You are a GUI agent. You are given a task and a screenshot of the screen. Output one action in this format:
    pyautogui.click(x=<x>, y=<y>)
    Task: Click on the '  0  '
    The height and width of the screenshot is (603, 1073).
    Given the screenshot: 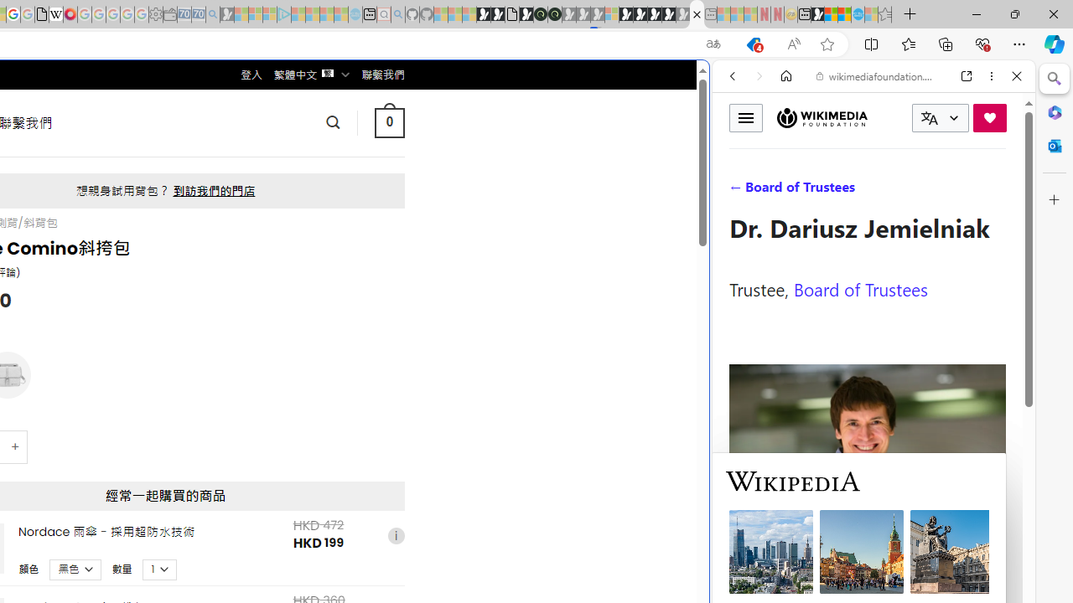 What is the action you would take?
    pyautogui.click(x=388, y=121)
    